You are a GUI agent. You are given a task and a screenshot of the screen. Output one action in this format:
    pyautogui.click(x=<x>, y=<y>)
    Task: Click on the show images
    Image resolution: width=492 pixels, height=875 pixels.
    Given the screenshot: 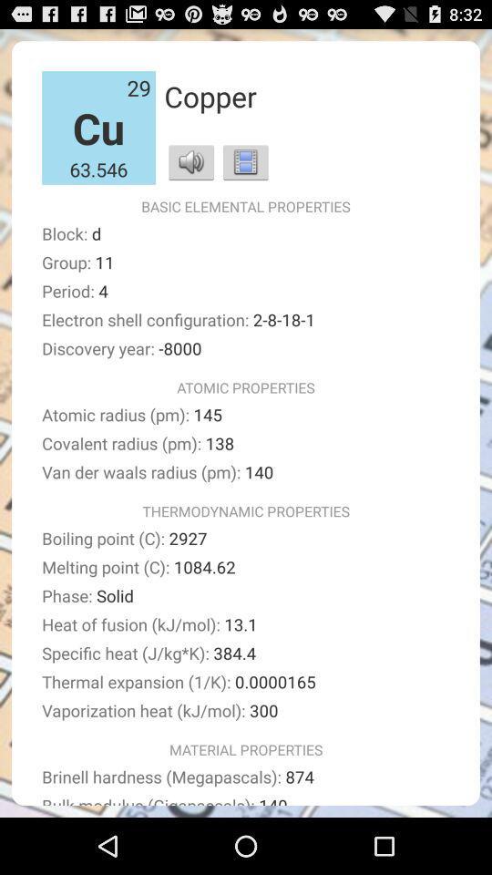 What is the action you would take?
    pyautogui.click(x=245, y=160)
    